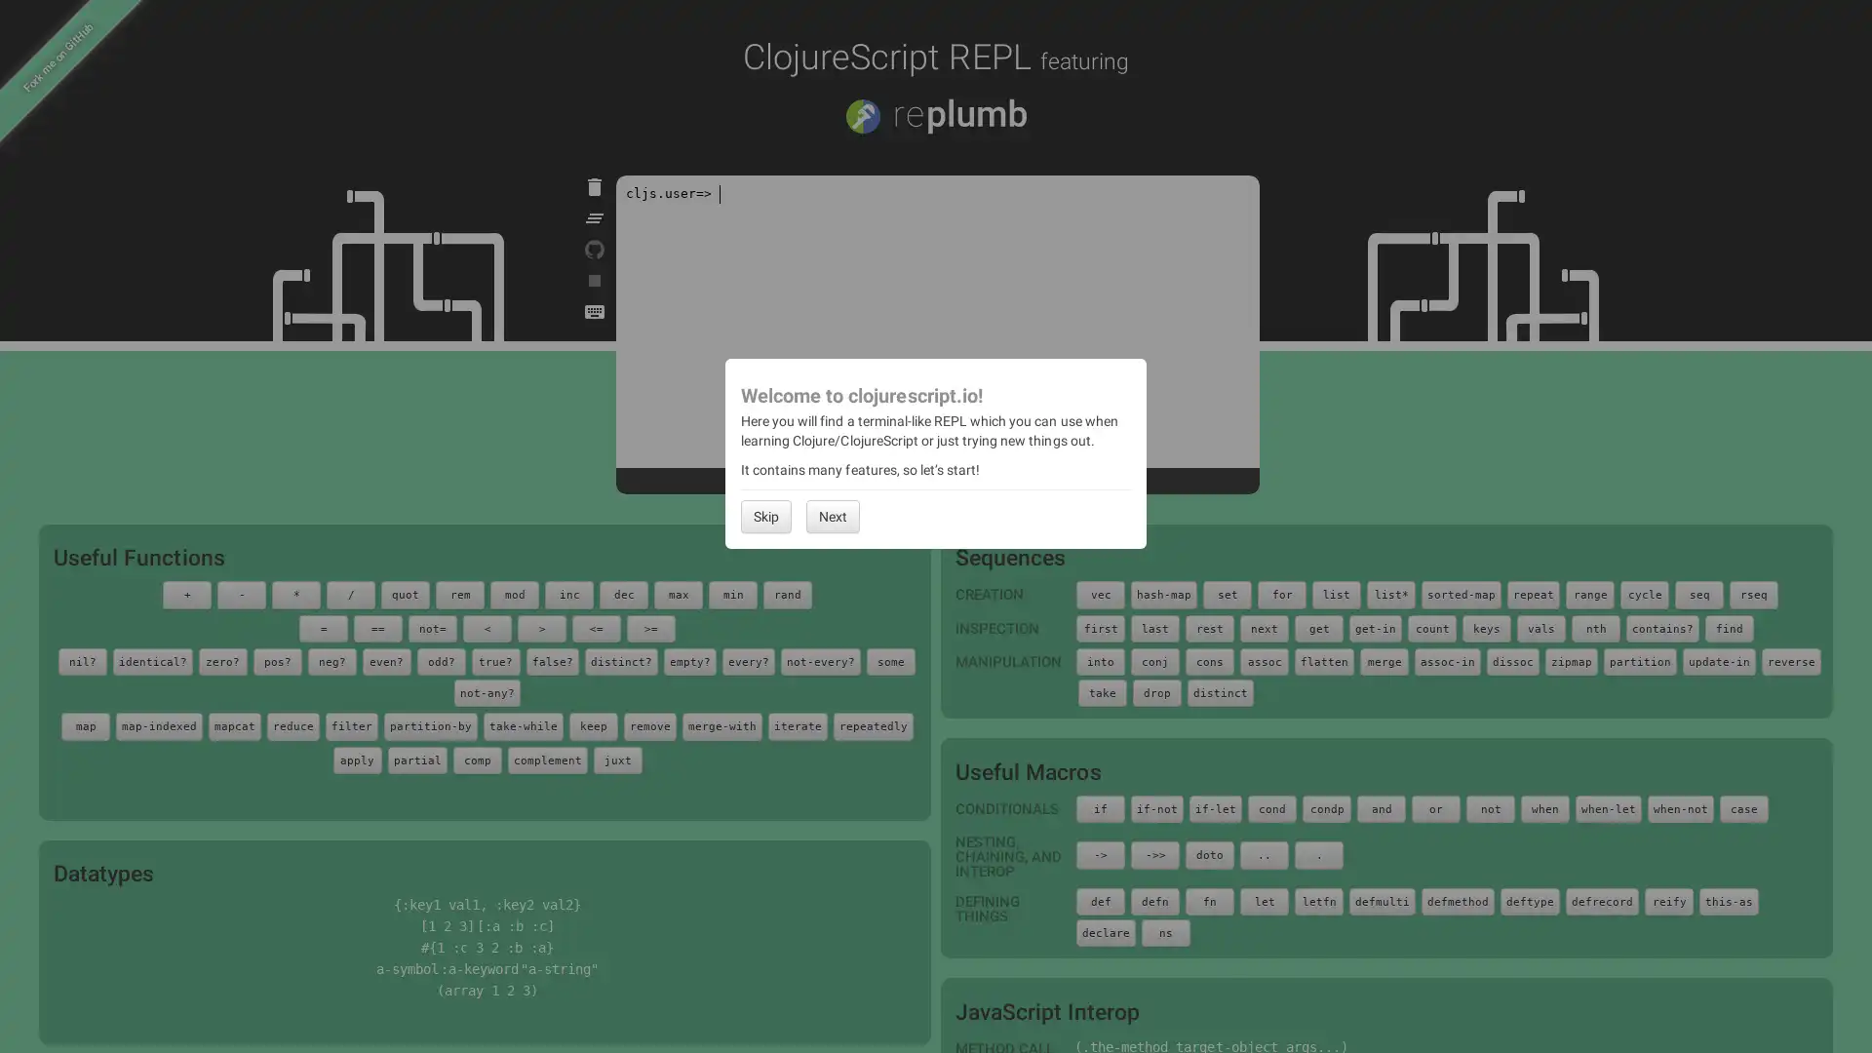 Image resolution: width=1872 pixels, height=1053 pixels. Describe the element at coordinates (1447, 660) in the screenshot. I see `assoc-in` at that location.